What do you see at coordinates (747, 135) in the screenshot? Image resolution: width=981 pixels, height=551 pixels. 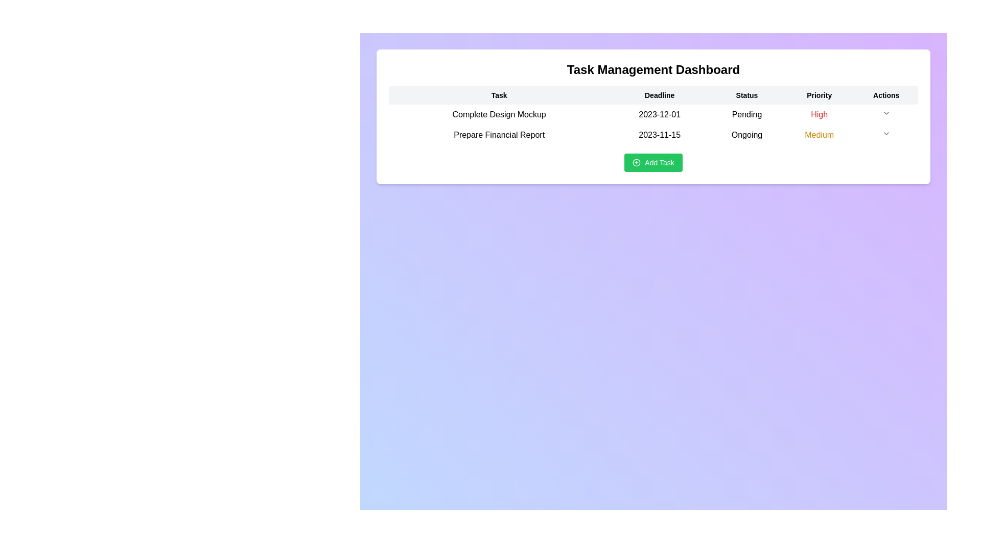 I see `the 'Ongoing' status text label located in the 'Status' column of the second row of the task list table, aligned with the 'Prepare Financial Report' task` at bounding box center [747, 135].